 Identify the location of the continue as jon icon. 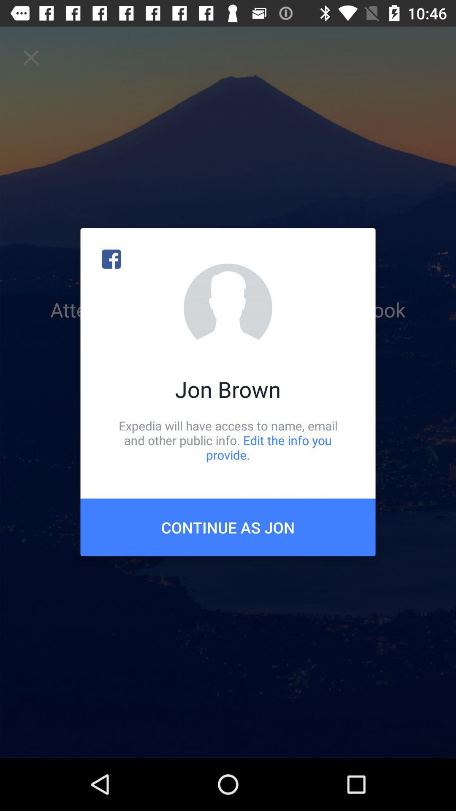
(228, 527).